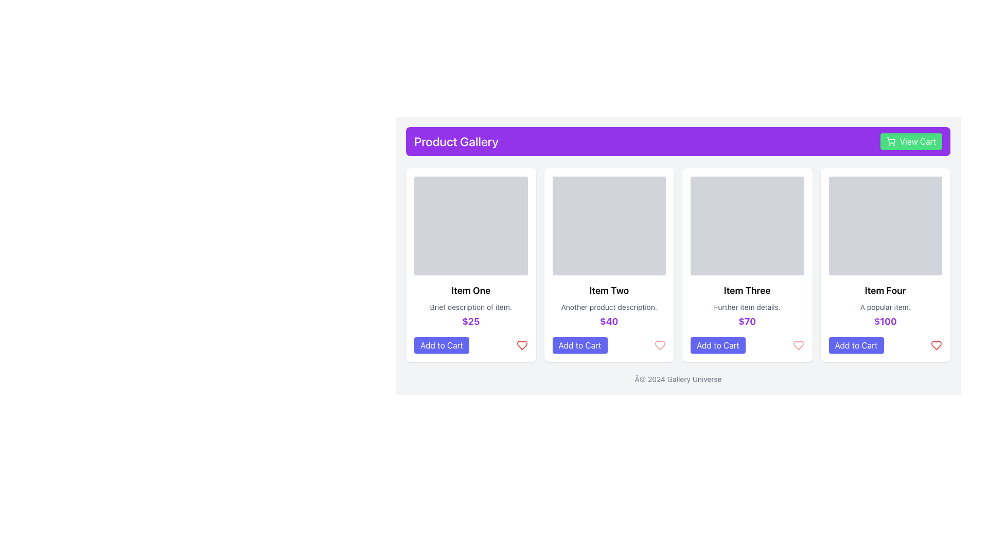  Describe the element at coordinates (609, 321) in the screenshot. I see `the static text element displaying the price '$40' in bold purple, located above the 'Add to Cart' button in the second product card` at that location.